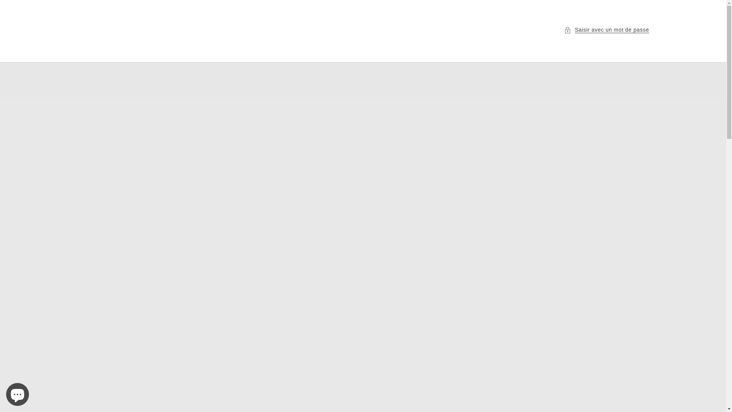 The height and width of the screenshot is (412, 732). I want to click on 'Chat de la boutique en ligne Shopify', so click(18, 393).